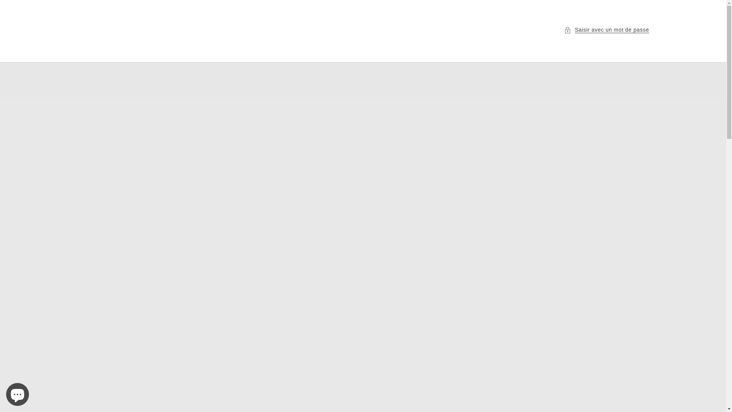 The height and width of the screenshot is (412, 732). I want to click on 'Chat de la boutique en ligne Shopify', so click(18, 393).